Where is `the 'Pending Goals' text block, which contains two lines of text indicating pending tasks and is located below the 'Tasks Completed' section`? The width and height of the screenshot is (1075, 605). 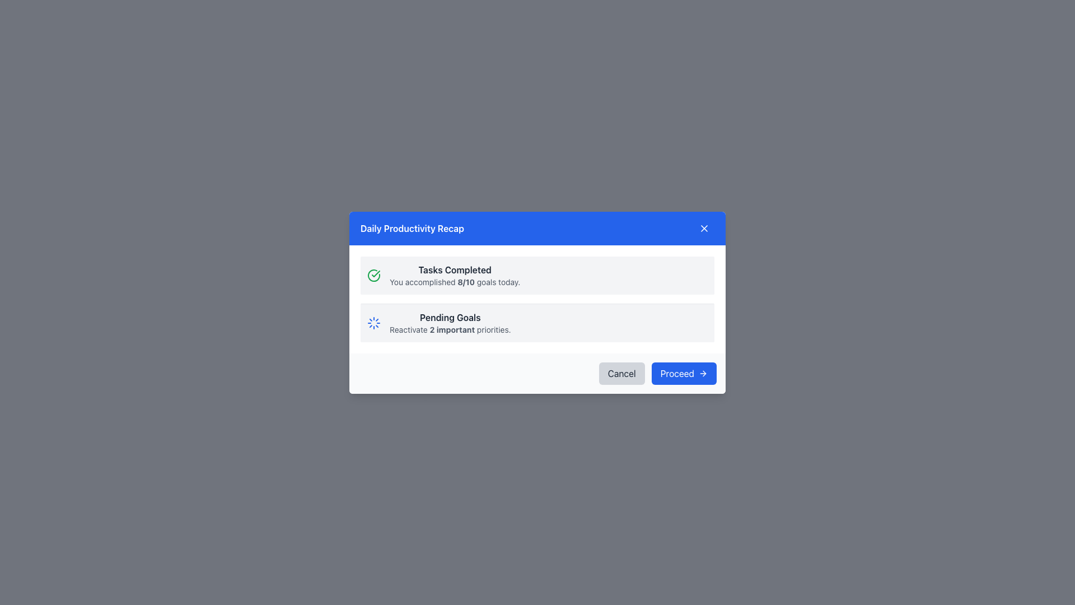
the 'Pending Goals' text block, which contains two lines of text indicating pending tasks and is located below the 'Tasks Completed' section is located at coordinates (450, 323).